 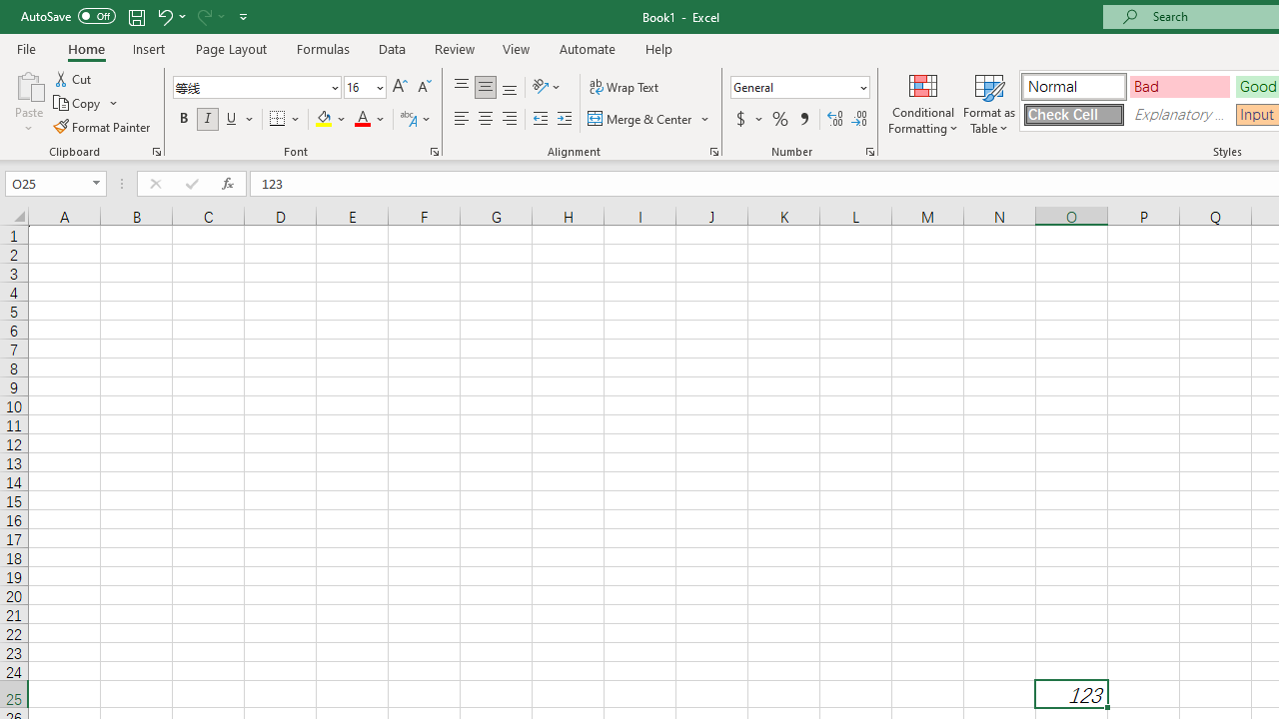 I want to click on 'Number Format', so click(x=792, y=86).